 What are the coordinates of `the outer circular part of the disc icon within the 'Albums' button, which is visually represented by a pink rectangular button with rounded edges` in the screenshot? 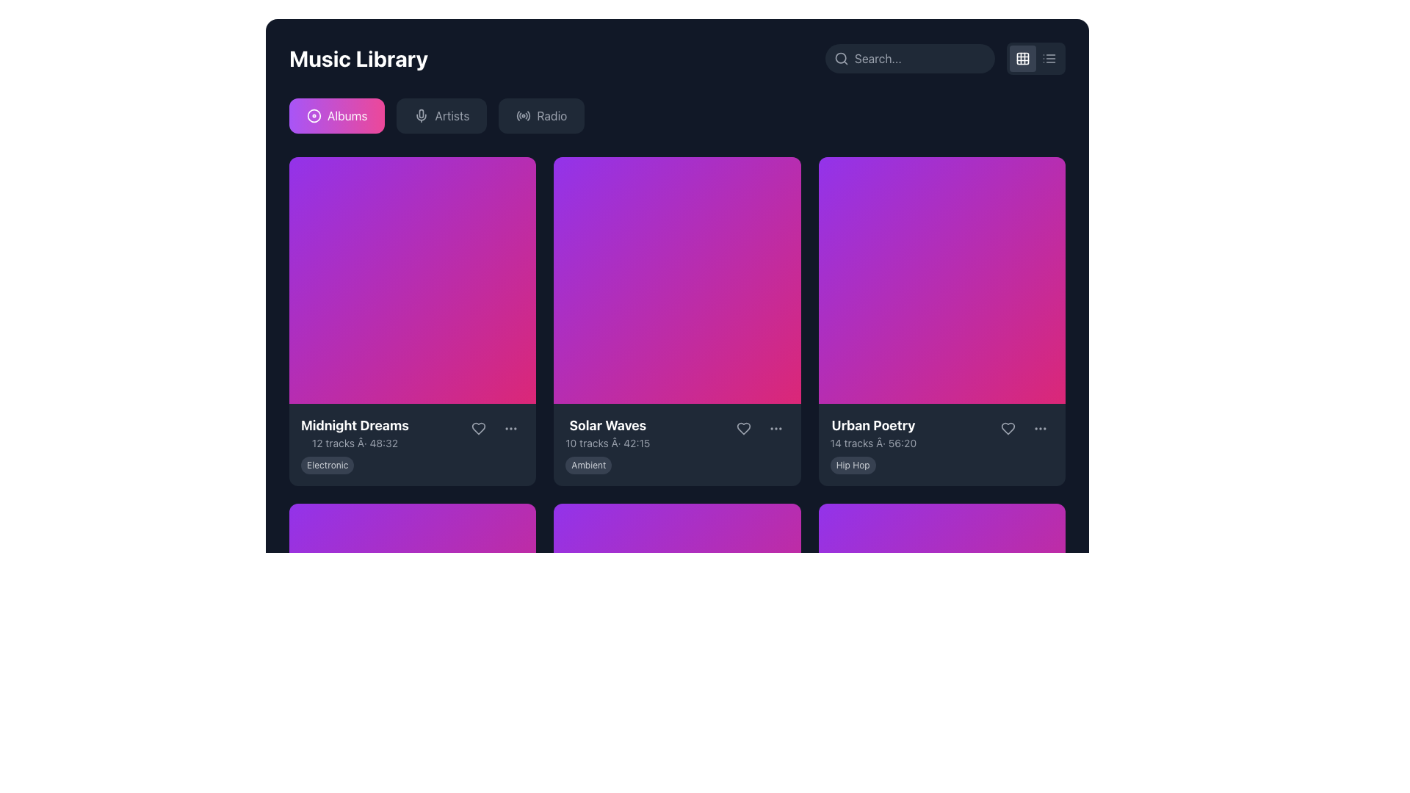 It's located at (313, 115).